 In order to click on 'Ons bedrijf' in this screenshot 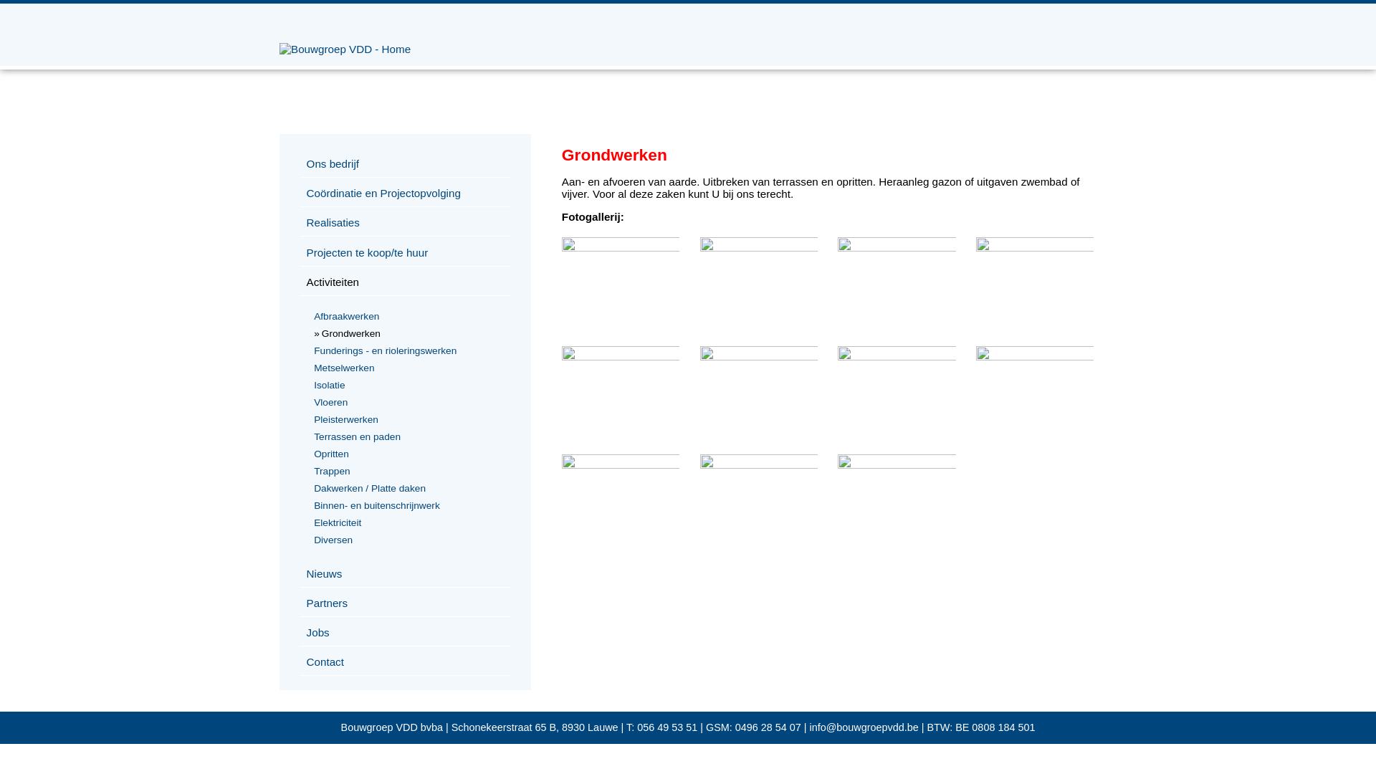, I will do `click(298, 163)`.